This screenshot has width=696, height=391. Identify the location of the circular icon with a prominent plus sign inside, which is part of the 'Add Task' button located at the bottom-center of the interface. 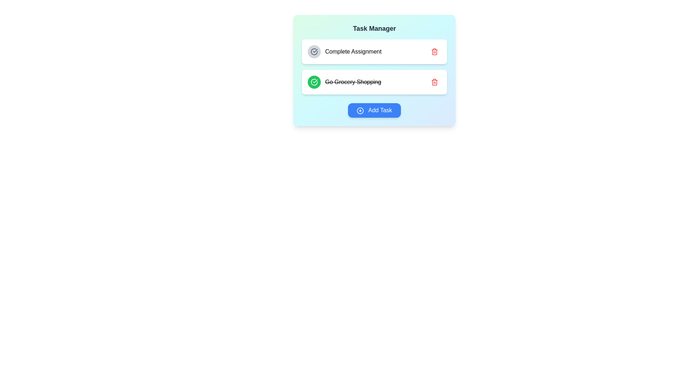
(360, 110).